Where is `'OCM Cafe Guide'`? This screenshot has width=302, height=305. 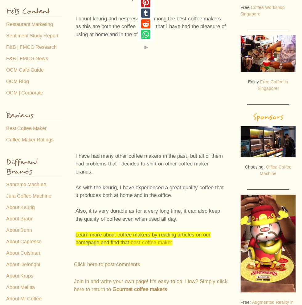 'OCM Cafe Guide' is located at coordinates (25, 70).